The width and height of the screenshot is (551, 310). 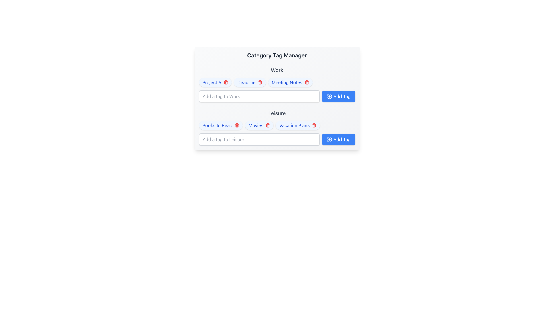 I want to click on the third Tag label labeled 'Meeting Notes' with a delete icon in the 'Category Tag Manager' interface, so click(x=290, y=82).